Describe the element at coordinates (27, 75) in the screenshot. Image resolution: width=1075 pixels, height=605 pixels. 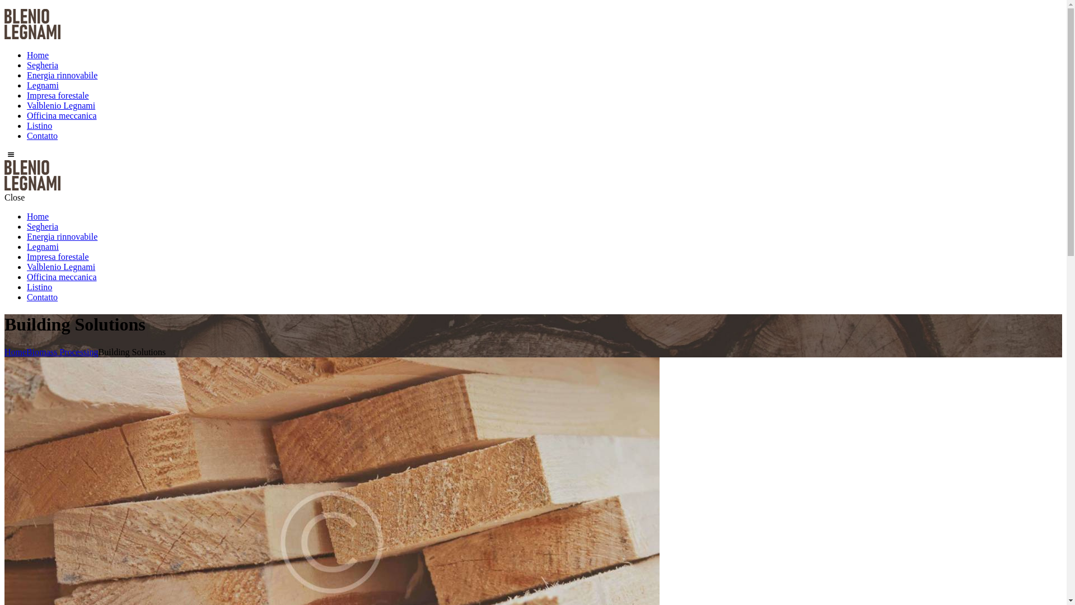
I see `'Energia rinnovabile'` at that location.